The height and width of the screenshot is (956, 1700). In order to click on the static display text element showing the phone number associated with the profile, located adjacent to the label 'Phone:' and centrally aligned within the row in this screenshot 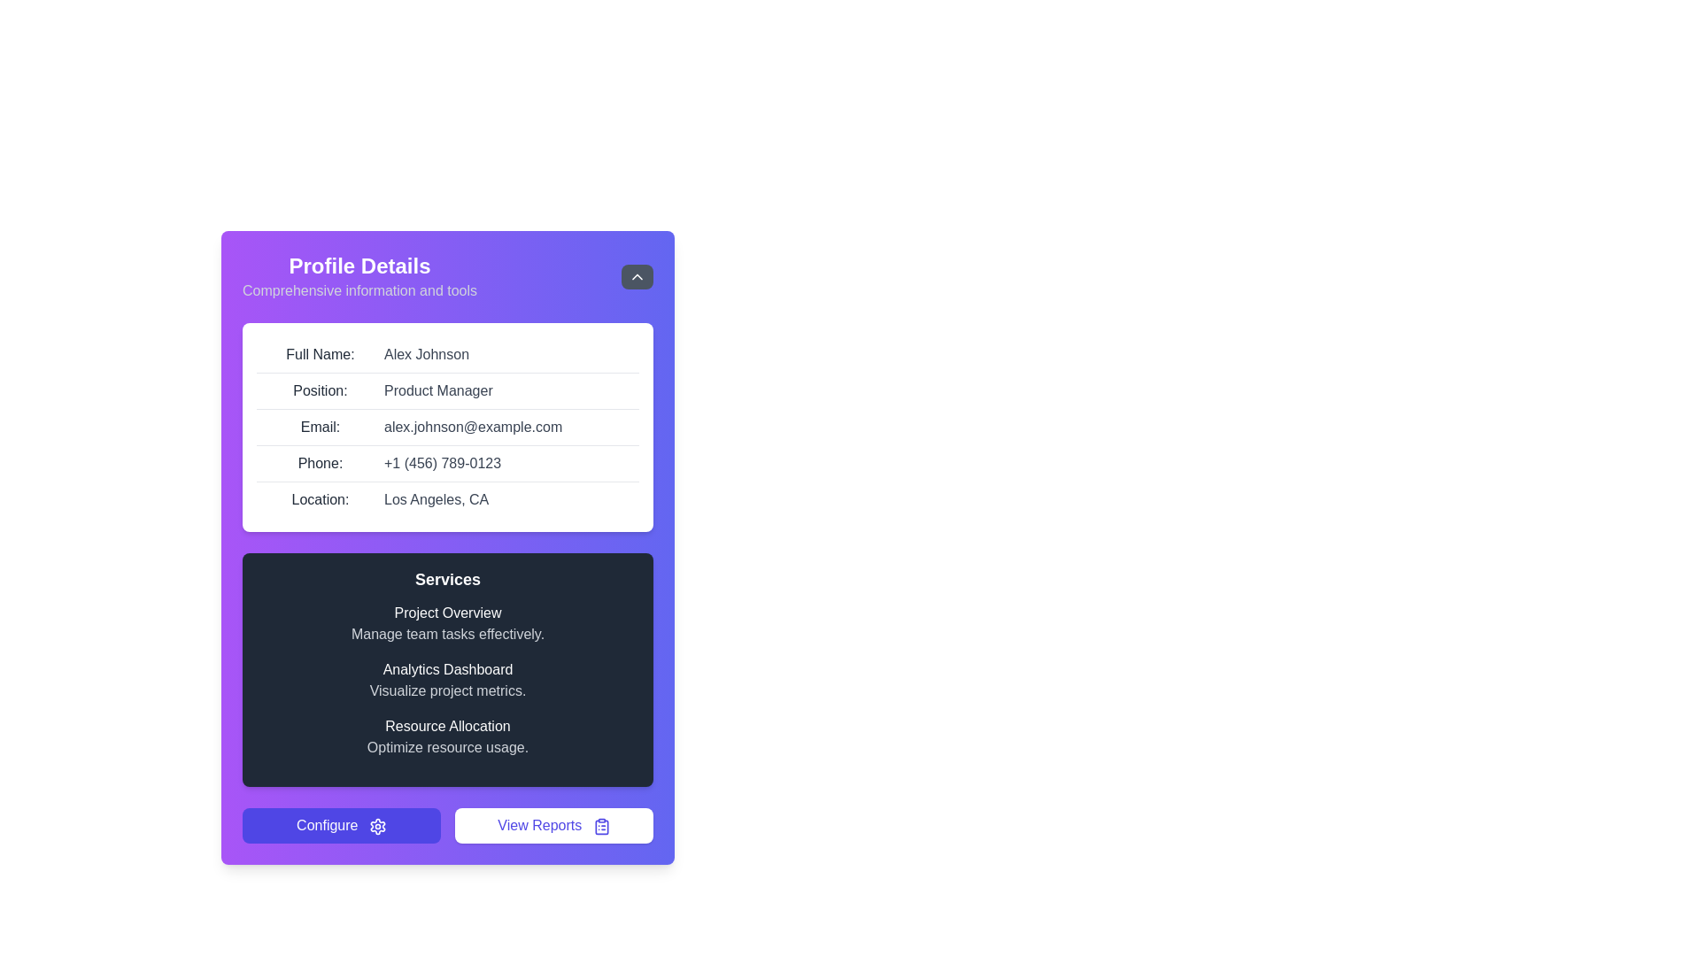, I will do `click(442, 463)`.